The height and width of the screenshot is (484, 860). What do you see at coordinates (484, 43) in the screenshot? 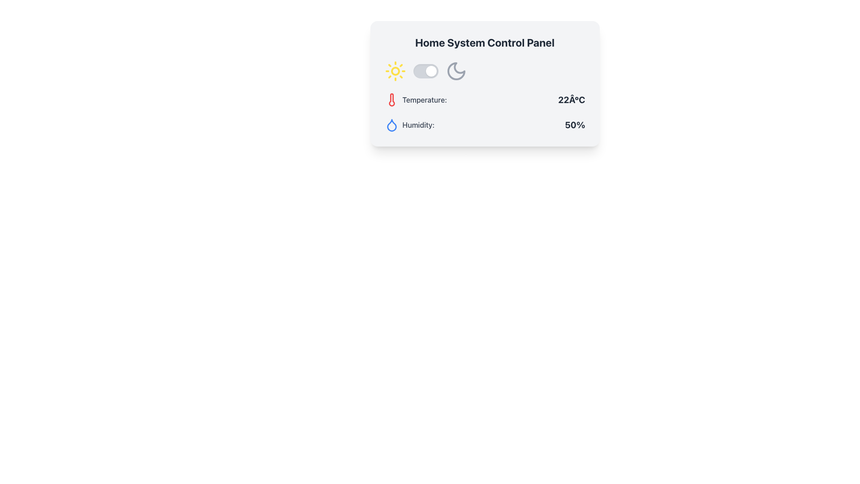
I see `the Static Text Header displaying 'Home System Control Panel', which is centered at the top of the card-like UI segment` at bounding box center [484, 43].